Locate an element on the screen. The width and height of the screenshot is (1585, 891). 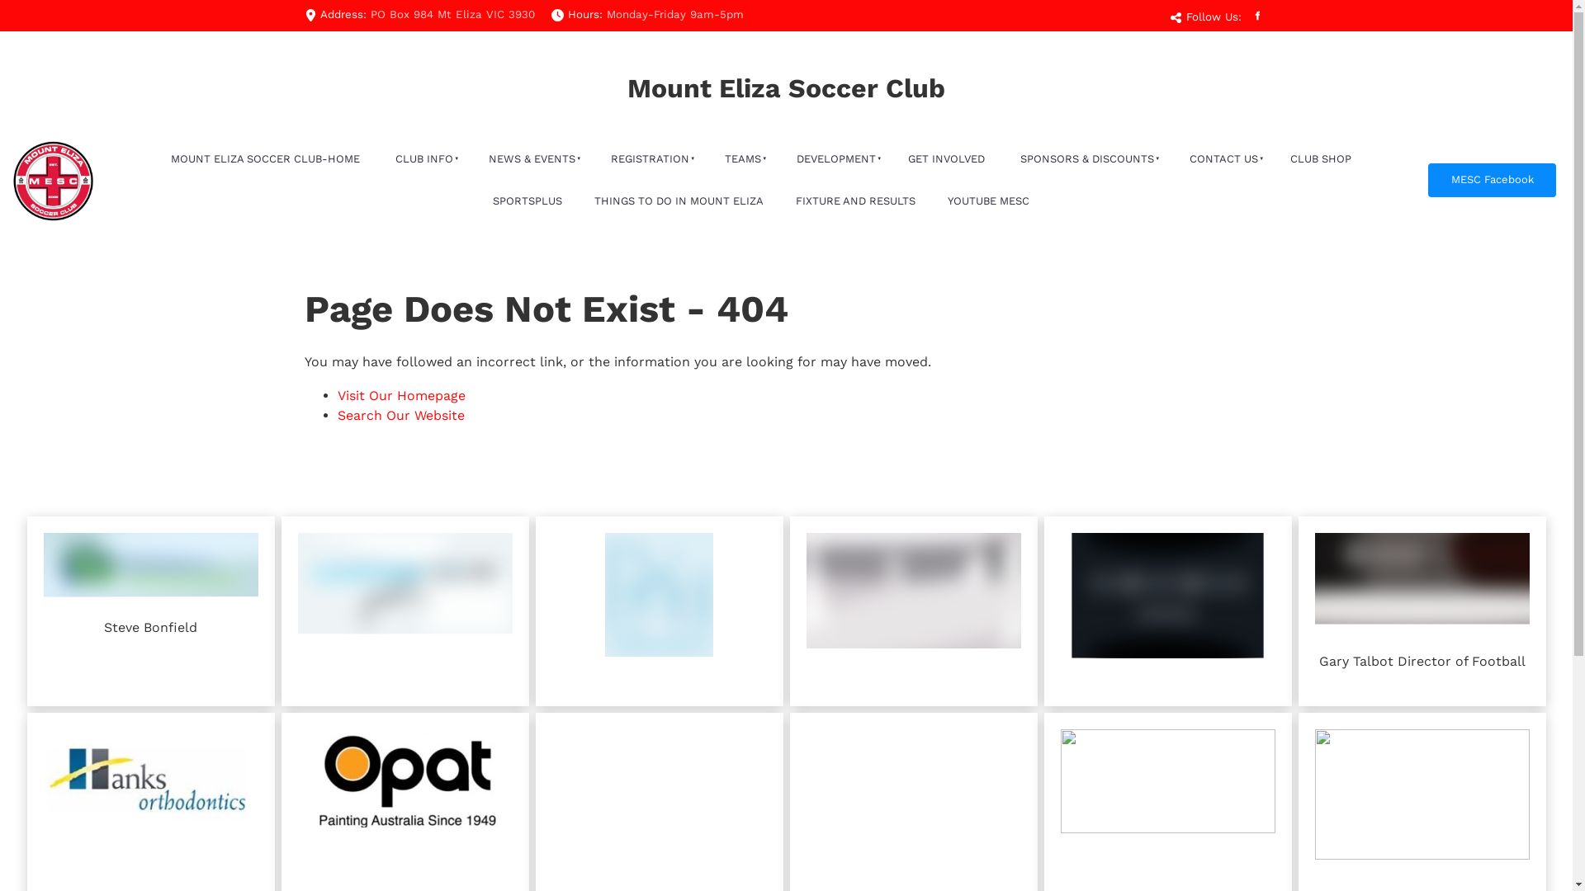
'TEAMS' is located at coordinates (740, 159).